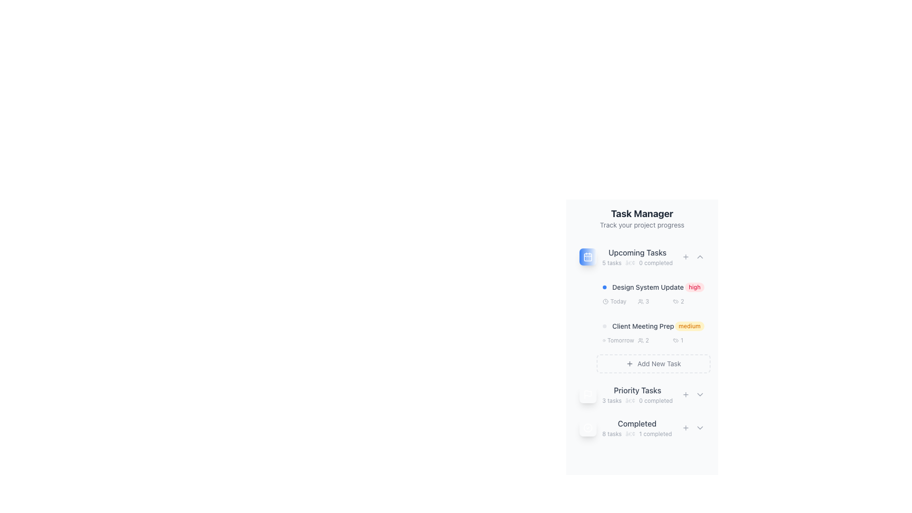  I want to click on the 'Add' button located to the right of the 'Upcoming Tasks' heading in the 'Task Manager' interface, so click(686, 256).